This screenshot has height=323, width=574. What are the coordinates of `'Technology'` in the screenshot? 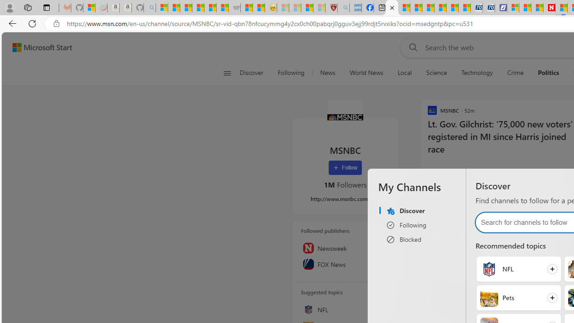 It's located at (476, 73).